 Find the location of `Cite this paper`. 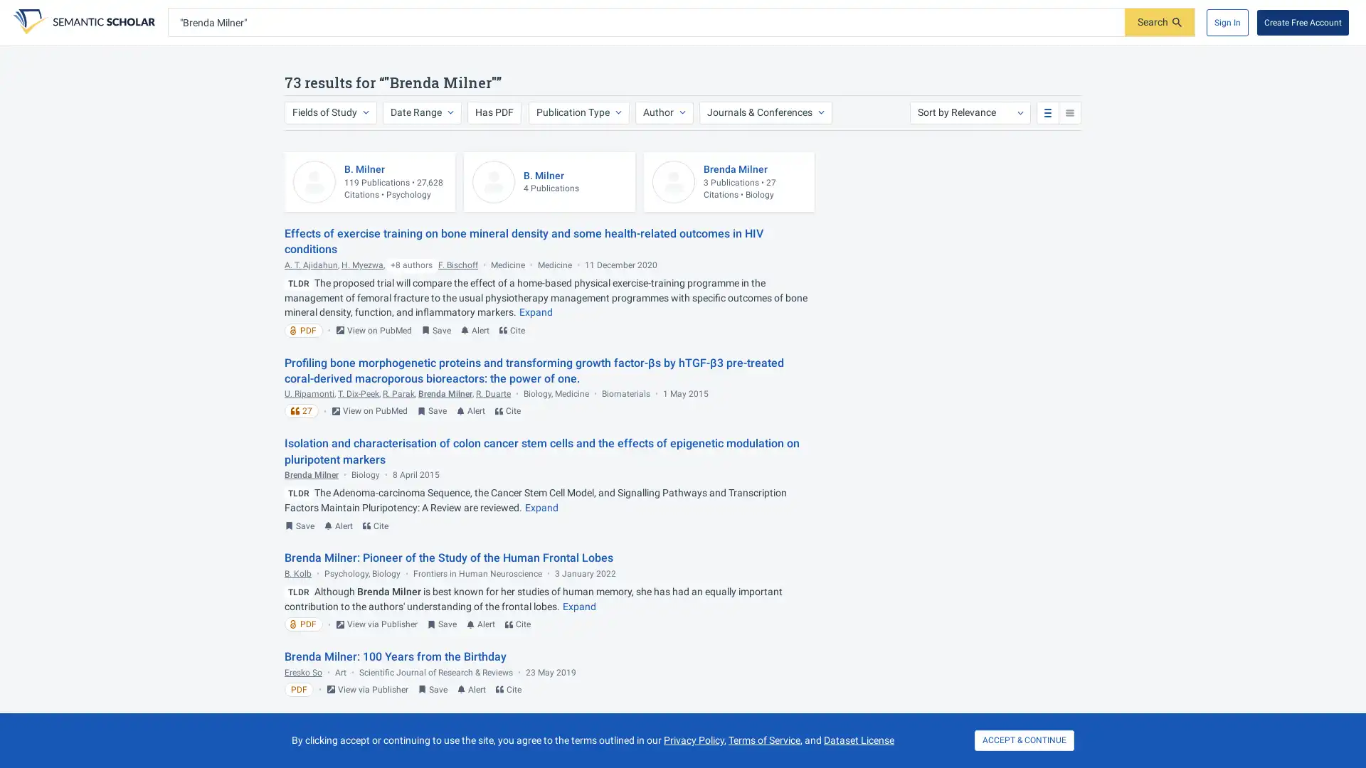

Cite this paper is located at coordinates (376, 526).